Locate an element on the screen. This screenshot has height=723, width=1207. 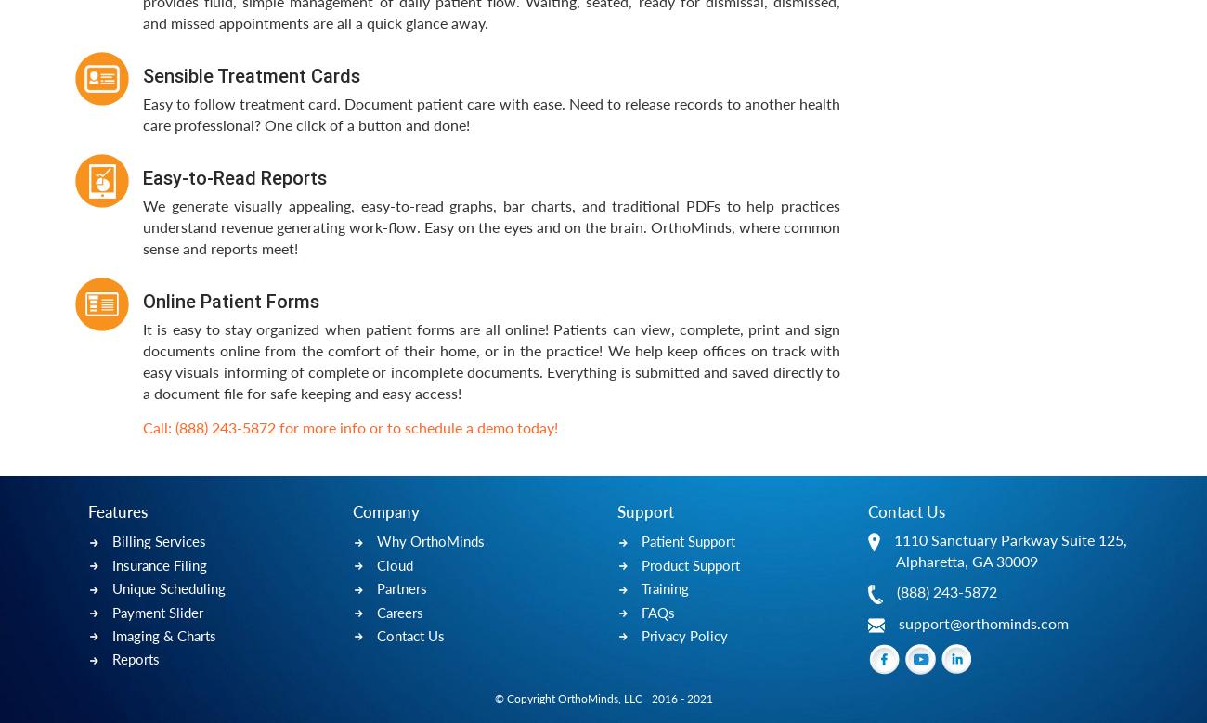
'Partners' is located at coordinates (402, 588).